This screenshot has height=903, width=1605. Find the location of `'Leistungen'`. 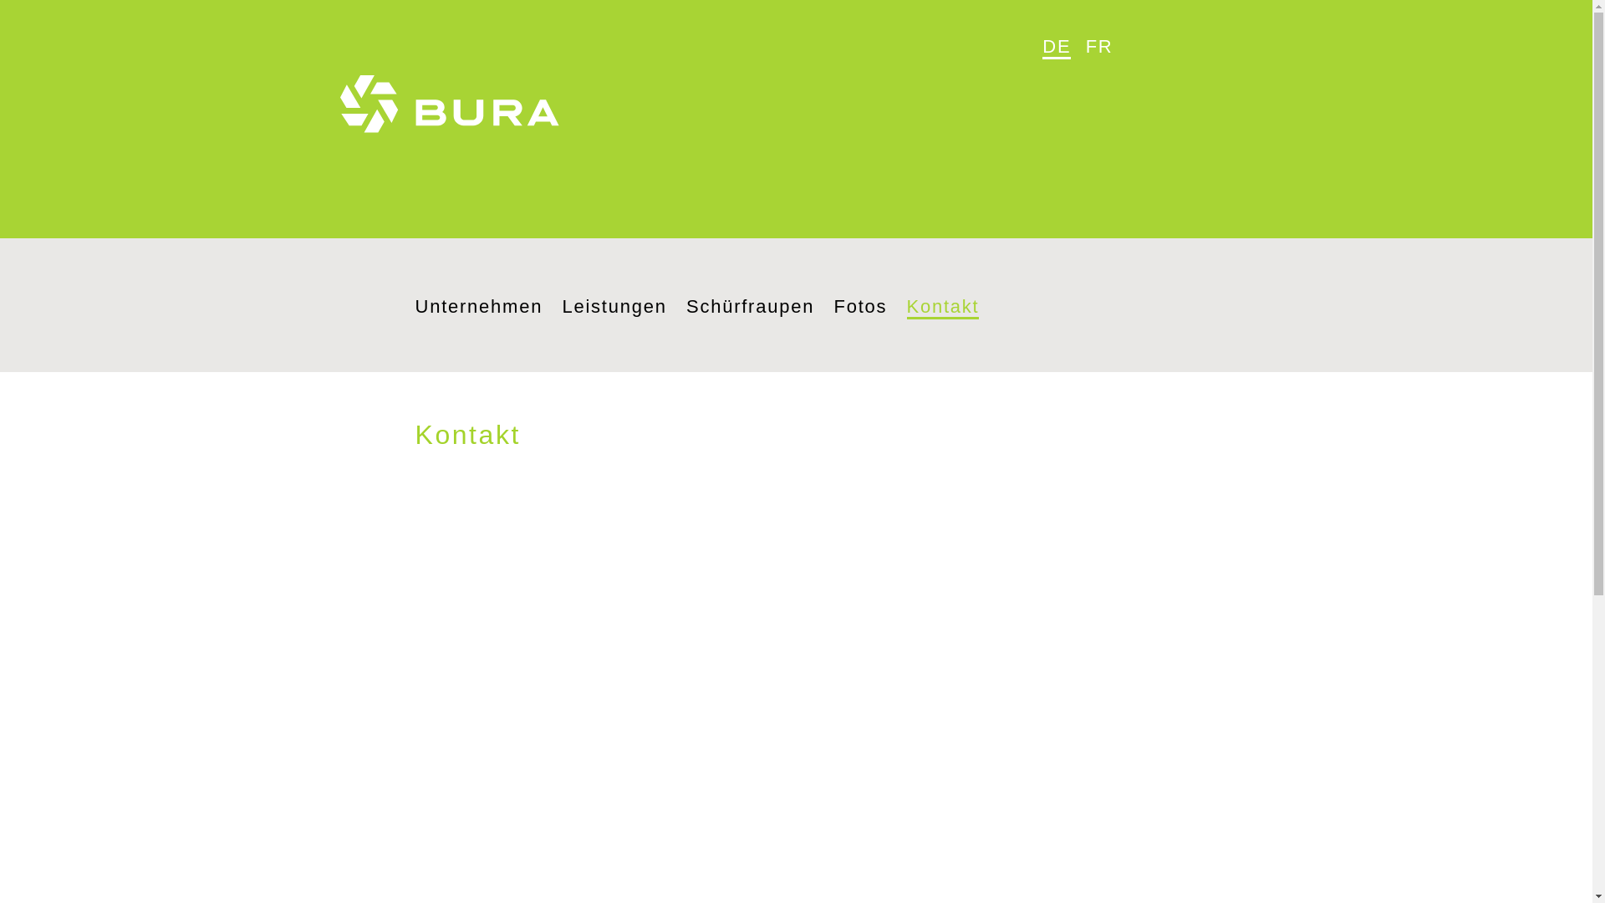

'Leistungen' is located at coordinates (562, 306).